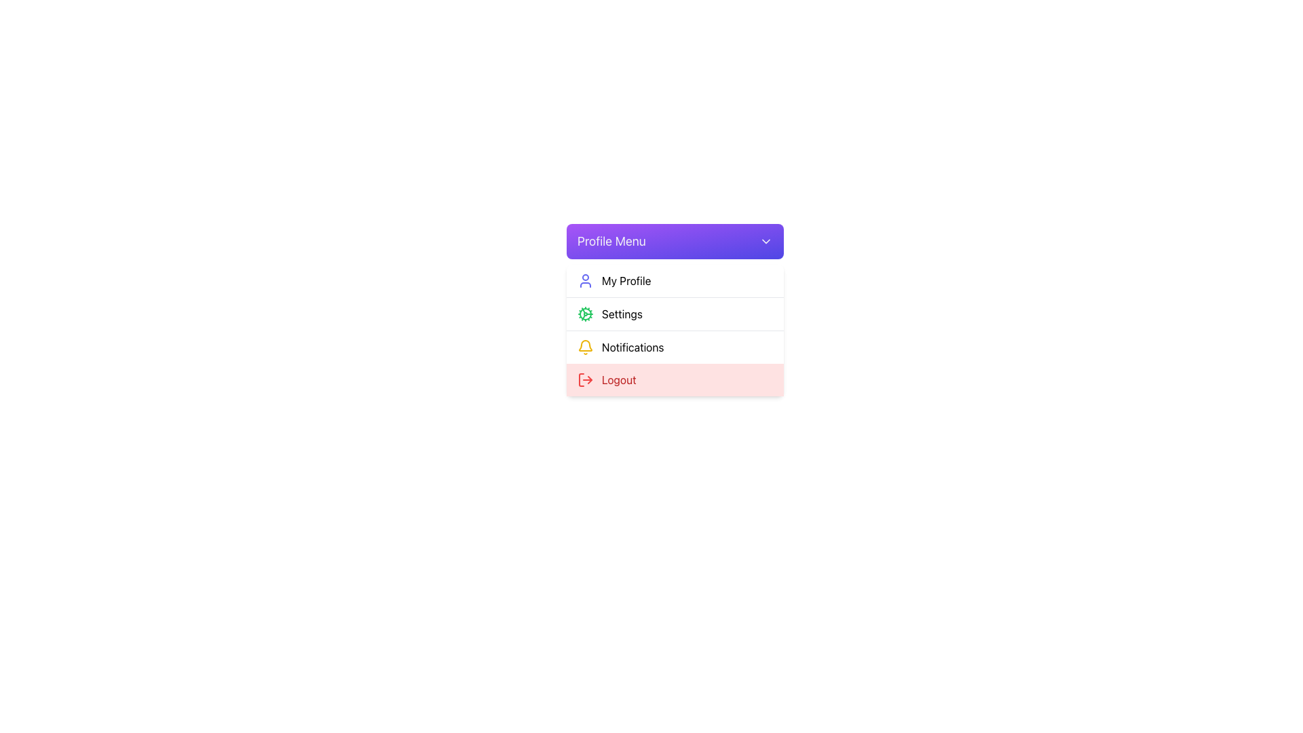  Describe the element at coordinates (675, 280) in the screenshot. I see `the first clickable list item in the 'Profile Menu'` at that location.